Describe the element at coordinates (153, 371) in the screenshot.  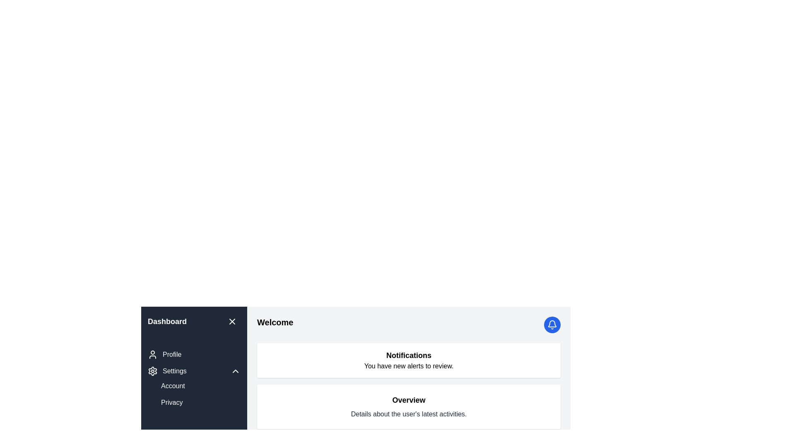
I see `the 'Settings' icon located in the left sidebar near the top, just before its textual label, to interact with the settings menu` at that location.